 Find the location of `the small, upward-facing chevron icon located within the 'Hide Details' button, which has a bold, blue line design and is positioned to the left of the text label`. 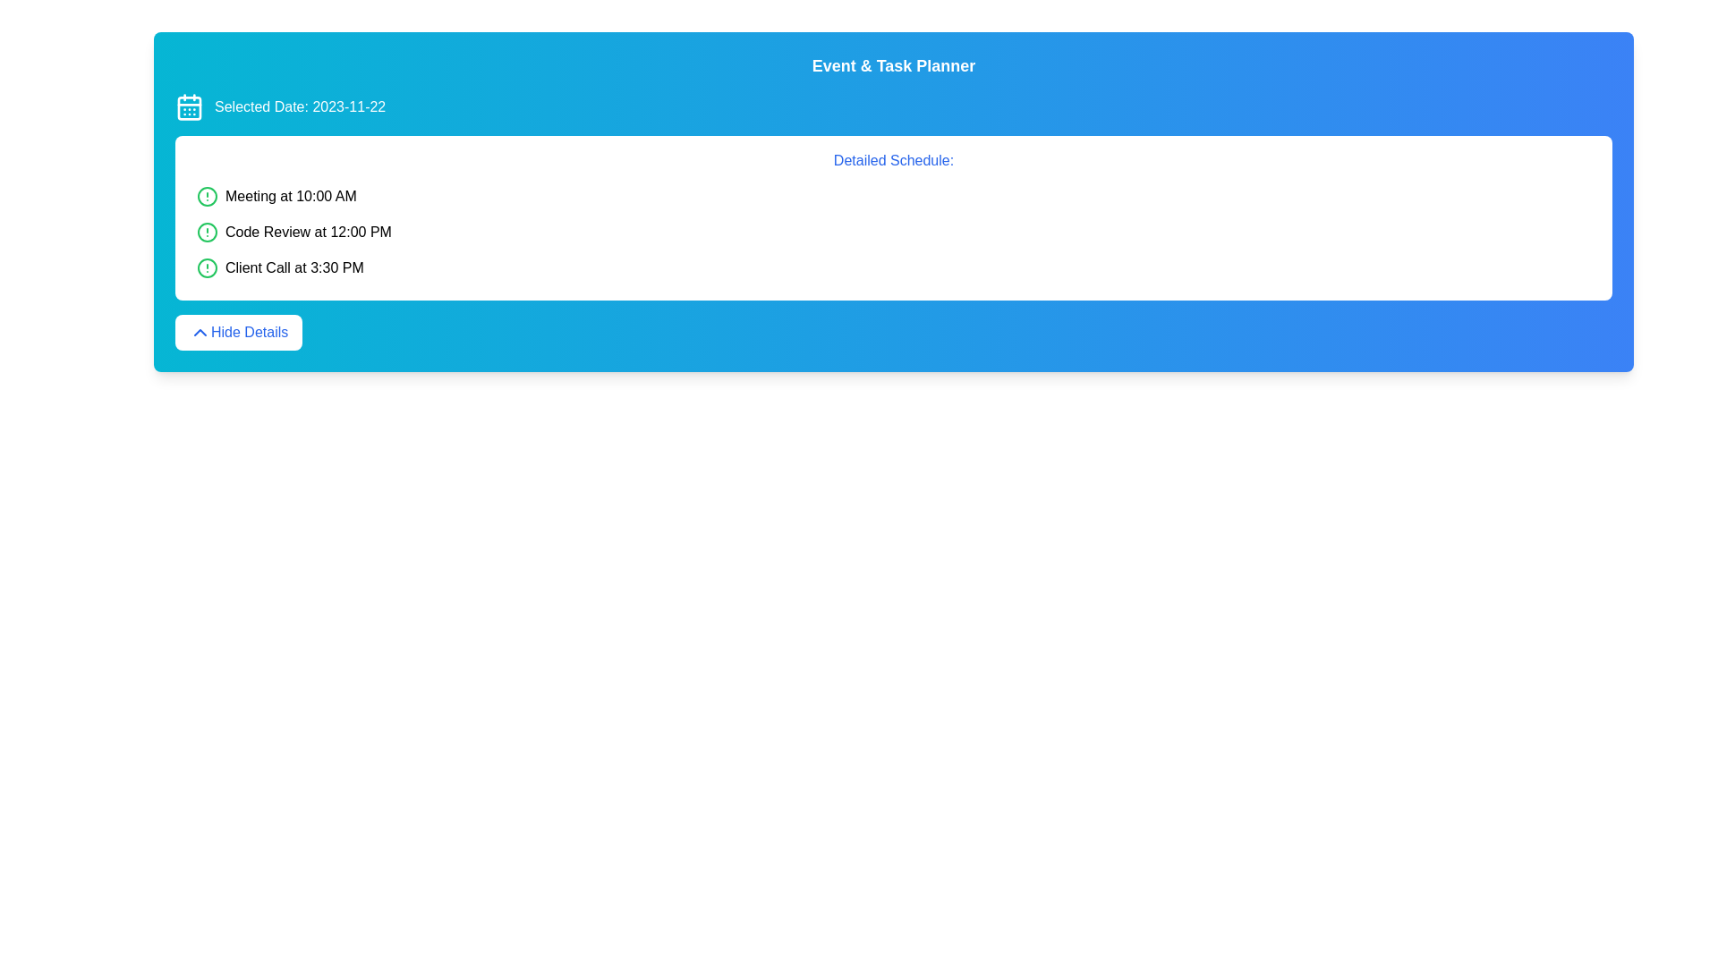

the small, upward-facing chevron icon located within the 'Hide Details' button, which has a bold, blue line design and is positioned to the left of the text label is located at coordinates (200, 332).